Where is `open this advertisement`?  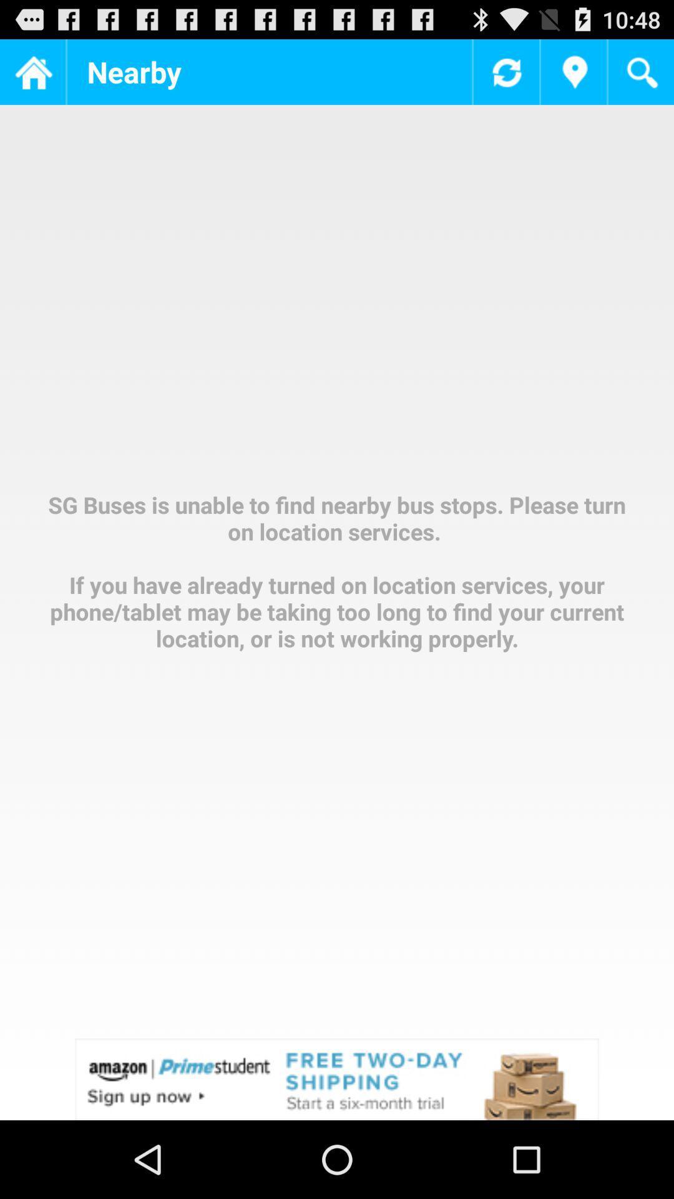 open this advertisement is located at coordinates (337, 1078).